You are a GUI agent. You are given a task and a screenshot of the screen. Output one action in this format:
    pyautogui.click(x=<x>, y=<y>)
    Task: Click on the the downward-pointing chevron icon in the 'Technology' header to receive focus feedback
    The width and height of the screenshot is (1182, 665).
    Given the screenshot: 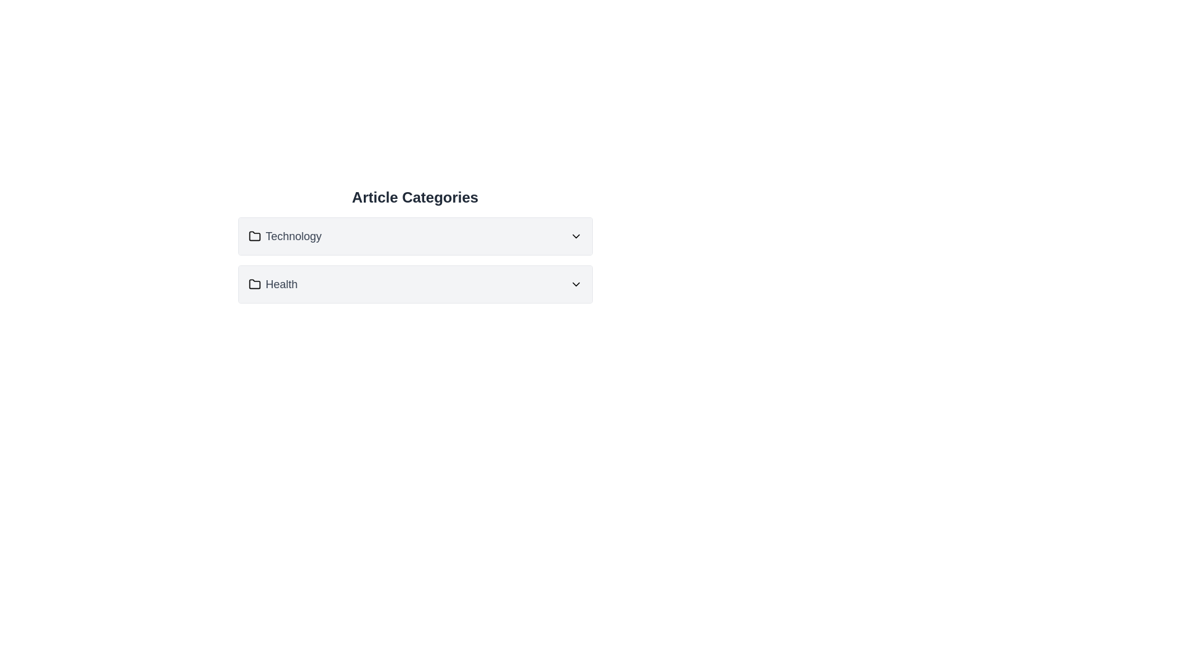 What is the action you would take?
    pyautogui.click(x=575, y=236)
    